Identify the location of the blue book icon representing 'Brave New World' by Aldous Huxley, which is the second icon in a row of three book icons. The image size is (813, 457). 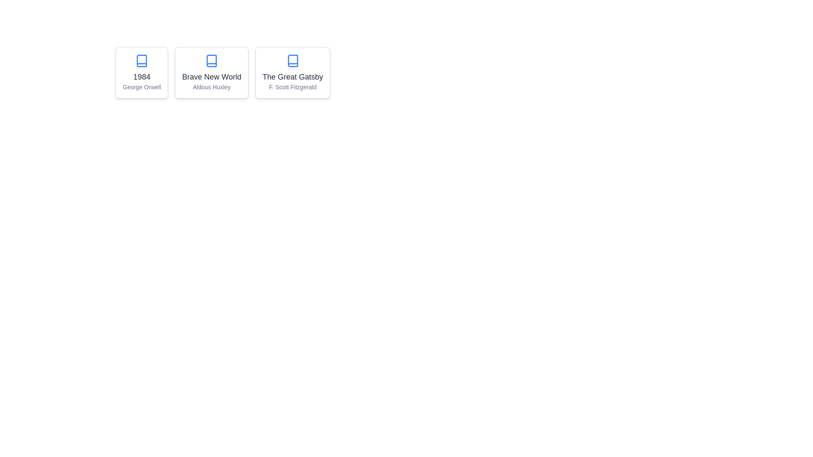
(212, 60).